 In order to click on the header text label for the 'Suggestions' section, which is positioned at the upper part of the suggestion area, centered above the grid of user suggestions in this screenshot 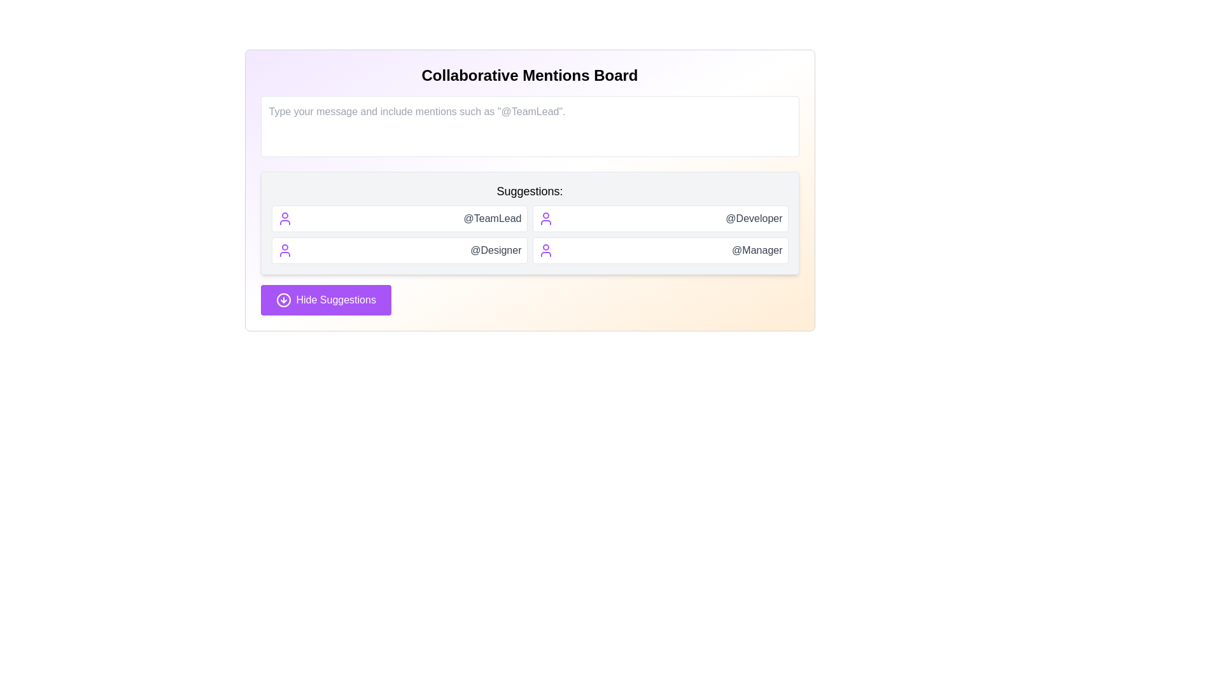, I will do `click(530, 191)`.